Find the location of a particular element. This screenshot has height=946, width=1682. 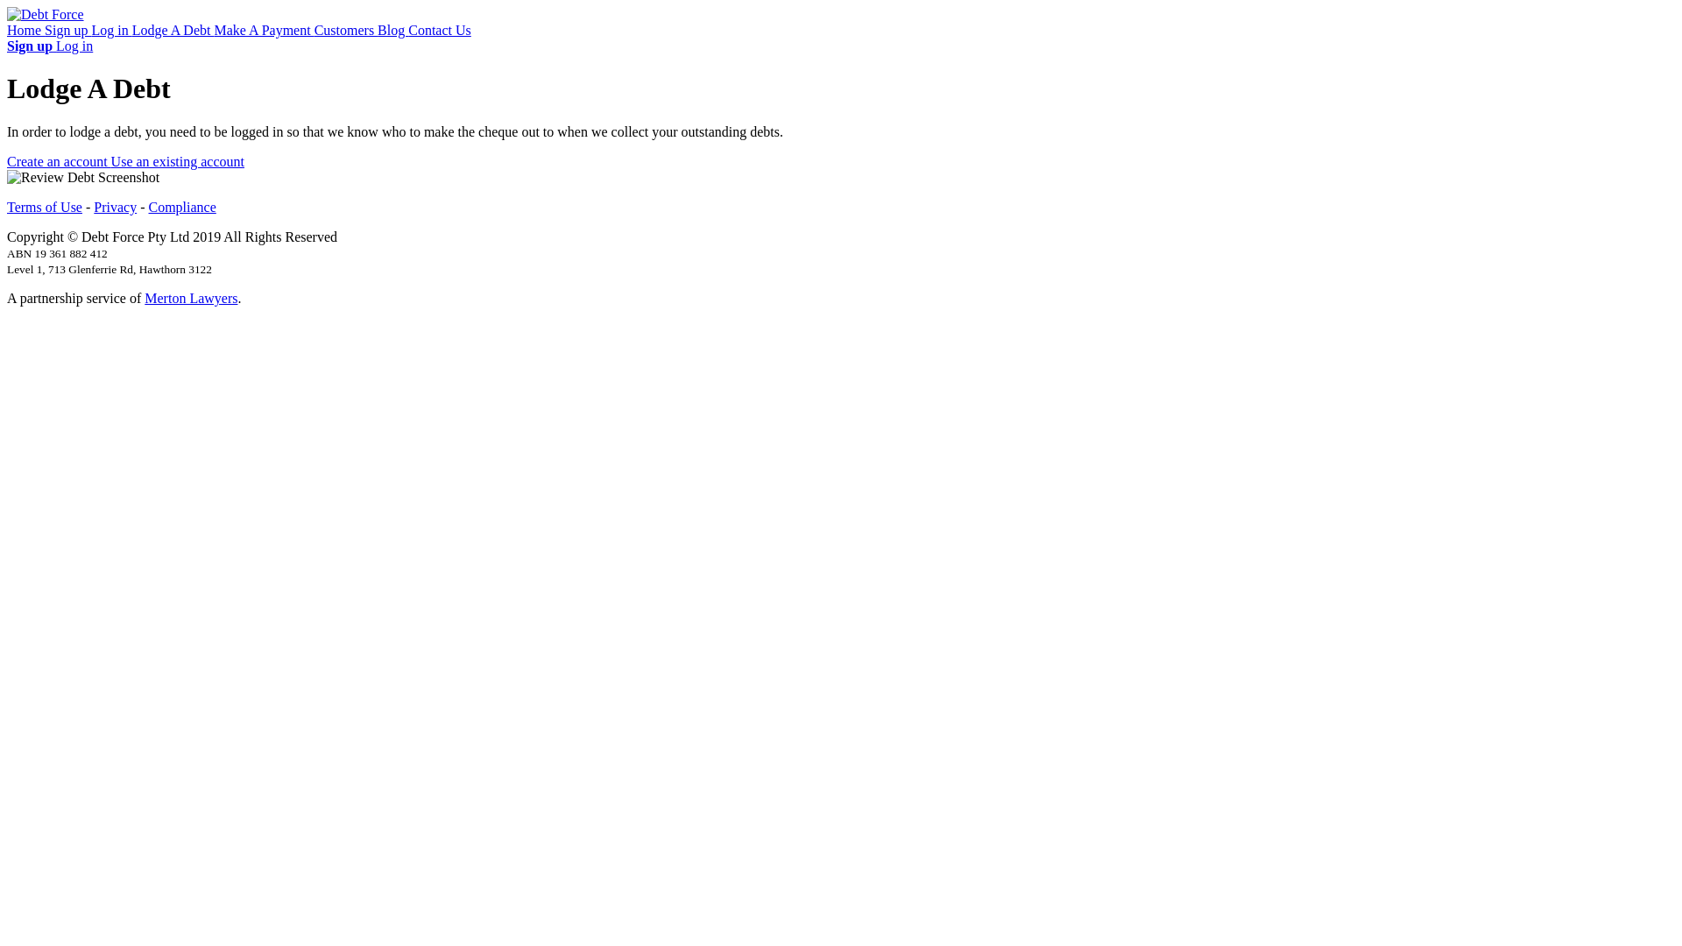

'Log in' is located at coordinates (110, 30).